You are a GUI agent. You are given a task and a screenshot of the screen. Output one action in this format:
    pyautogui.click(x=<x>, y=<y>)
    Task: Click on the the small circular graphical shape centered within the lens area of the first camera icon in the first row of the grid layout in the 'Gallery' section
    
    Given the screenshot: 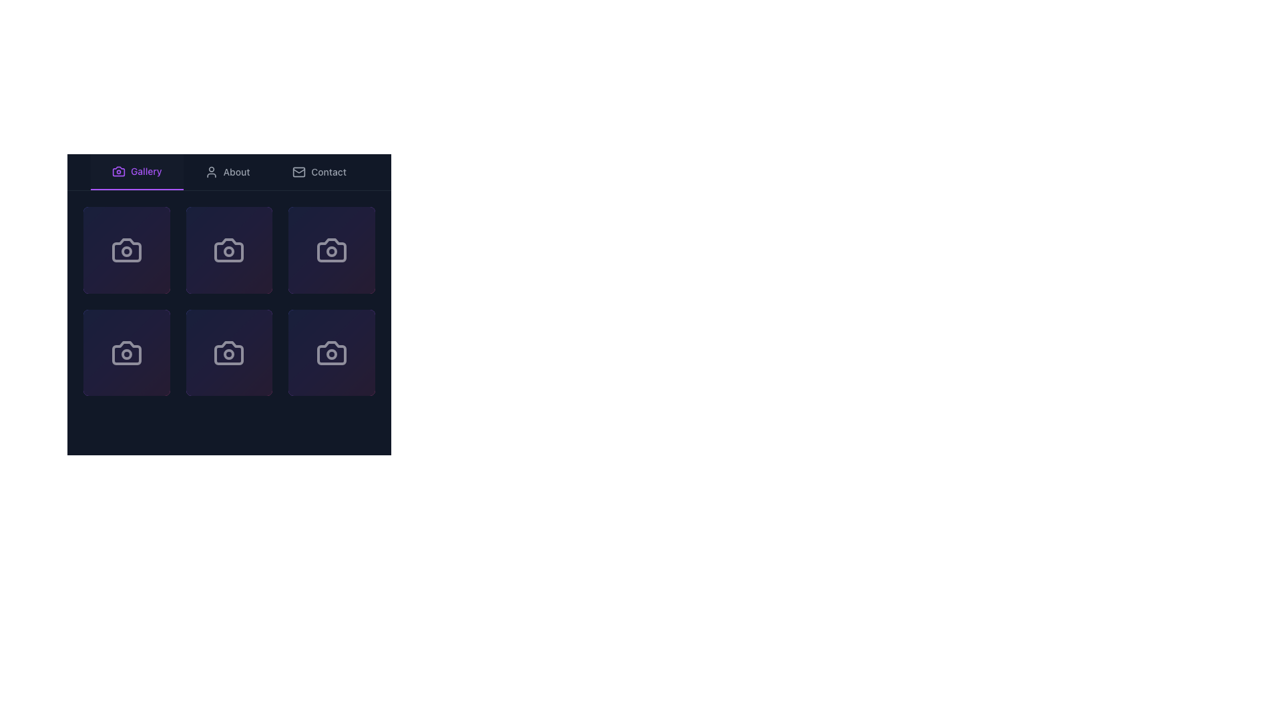 What is the action you would take?
    pyautogui.click(x=126, y=251)
    